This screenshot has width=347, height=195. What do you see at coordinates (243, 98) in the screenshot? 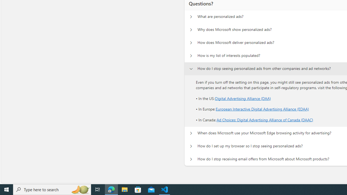
I see `'Digital Advertising Alliance (DAA)'` at bounding box center [243, 98].